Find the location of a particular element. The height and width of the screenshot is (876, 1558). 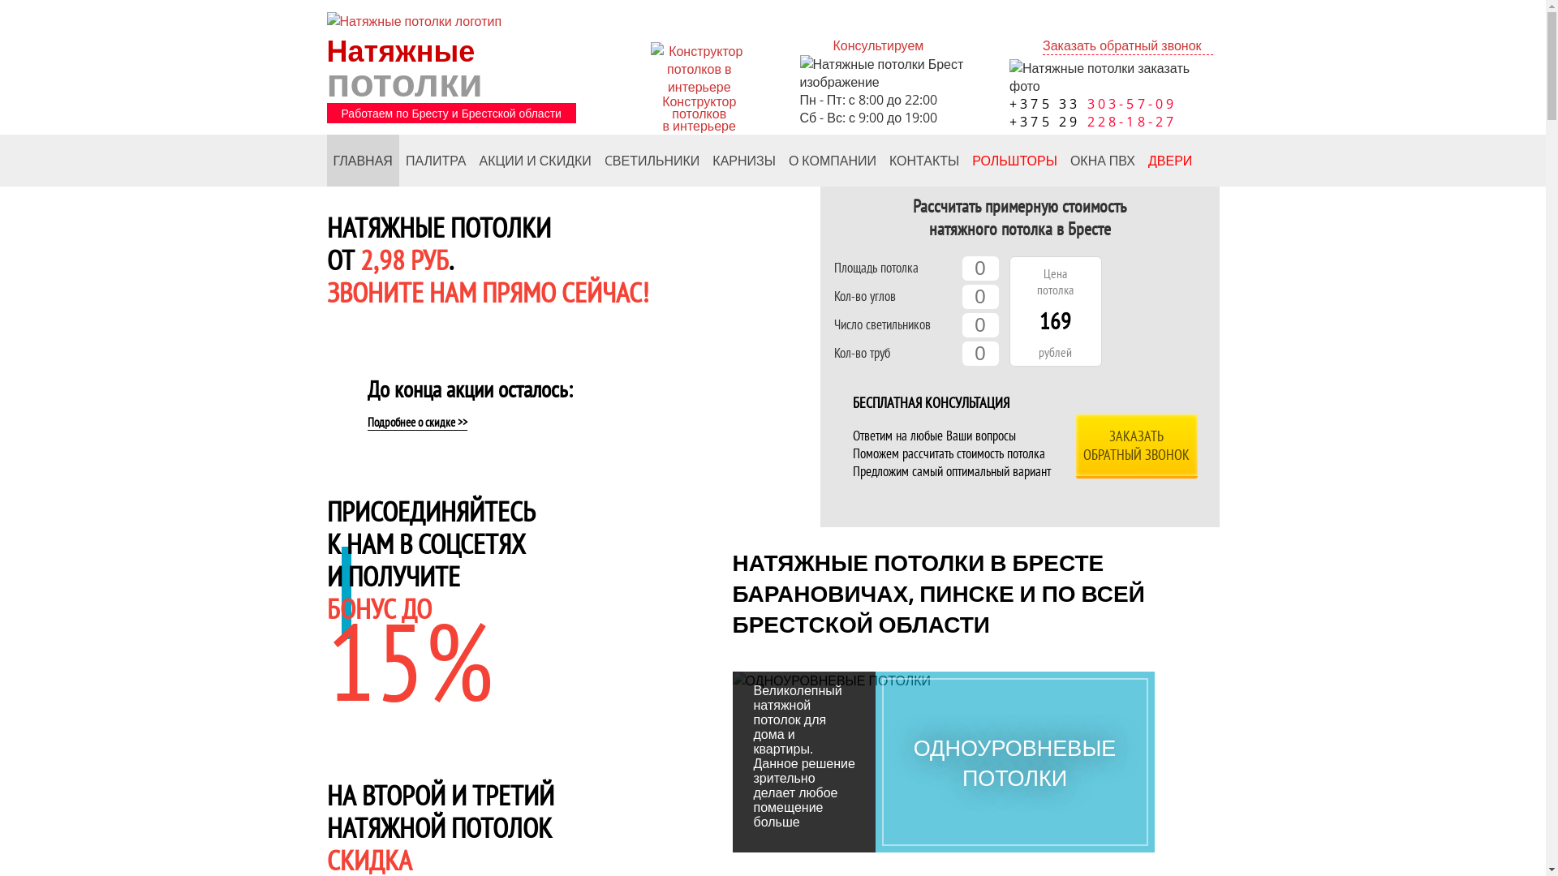

'+375 29 228-18-27' is located at coordinates (1094, 121).